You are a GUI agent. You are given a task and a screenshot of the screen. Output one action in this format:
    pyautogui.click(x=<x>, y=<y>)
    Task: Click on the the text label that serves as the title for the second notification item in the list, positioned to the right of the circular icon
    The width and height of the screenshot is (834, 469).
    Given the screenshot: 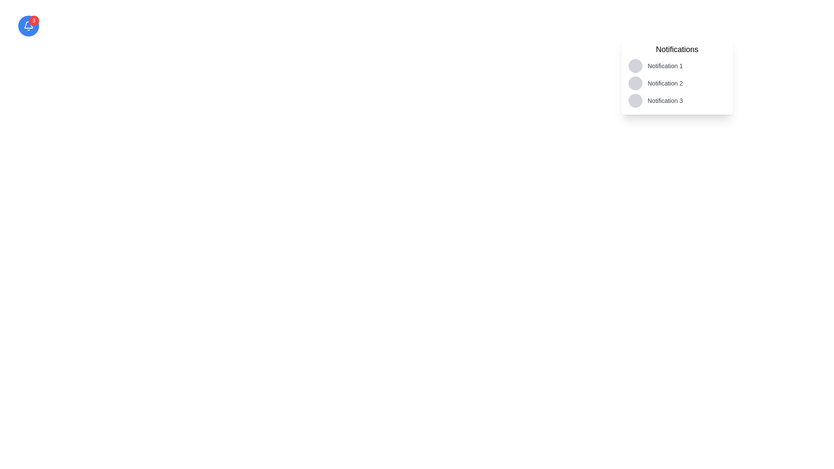 What is the action you would take?
    pyautogui.click(x=665, y=83)
    